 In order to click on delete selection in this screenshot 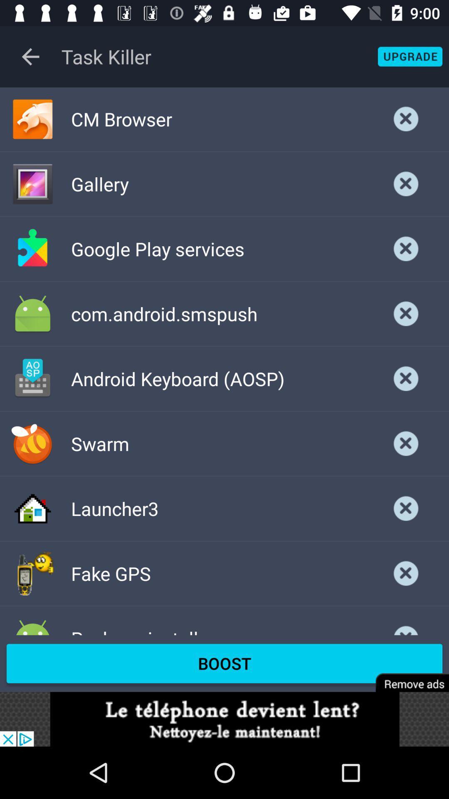, I will do `click(406, 184)`.